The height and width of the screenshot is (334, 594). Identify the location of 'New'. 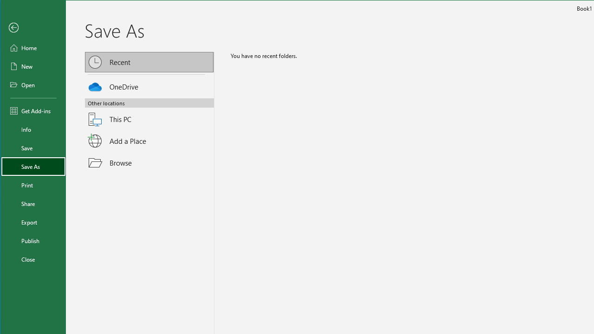
(33, 65).